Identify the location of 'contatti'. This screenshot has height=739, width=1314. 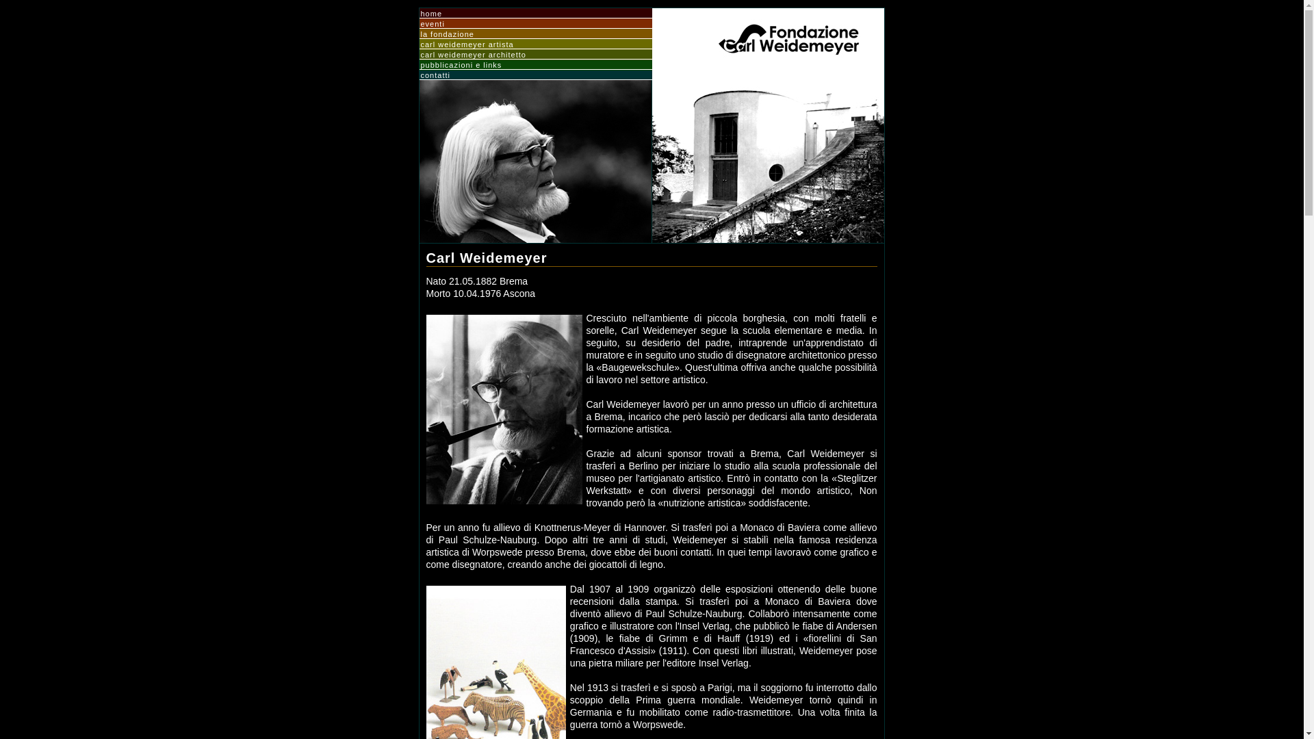
(420, 75).